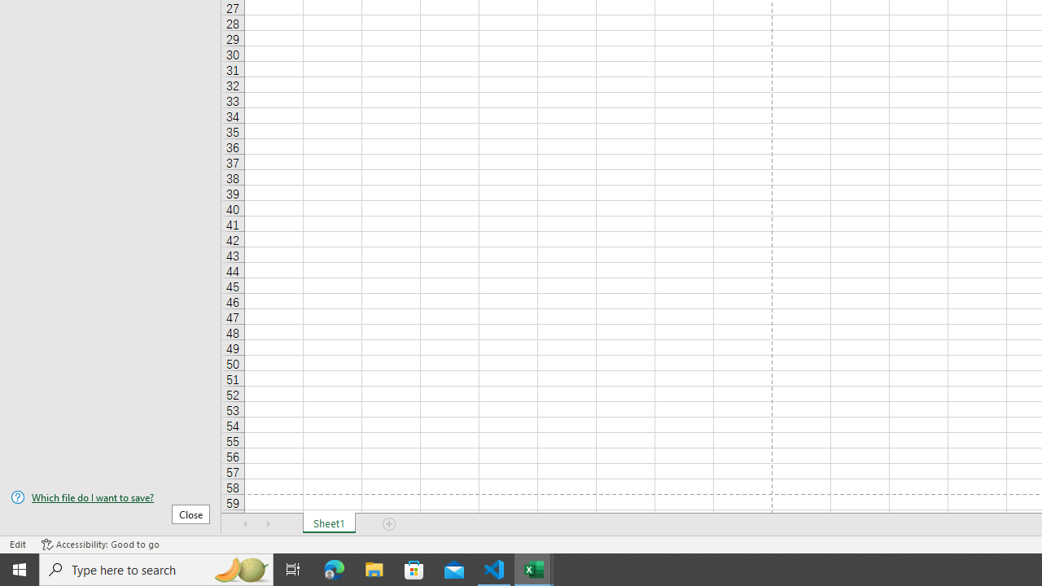 The height and width of the screenshot is (586, 1042). I want to click on 'Add Sheet', so click(388, 524).